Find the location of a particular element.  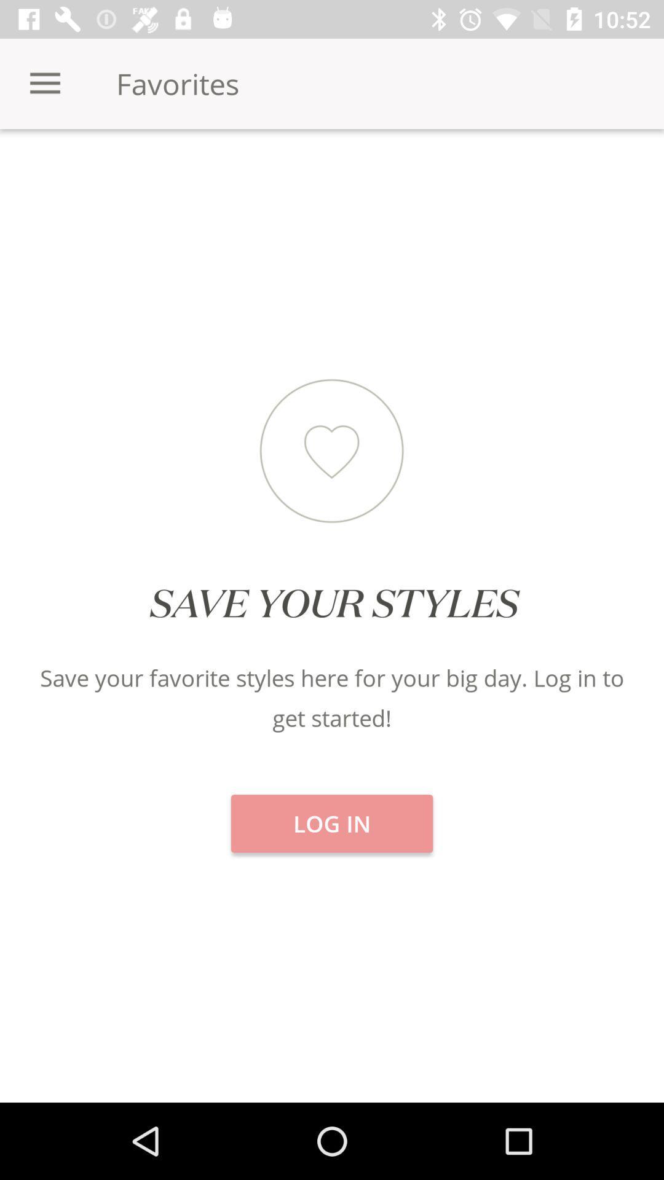

brands at the top right corner is located at coordinates (552, 171).